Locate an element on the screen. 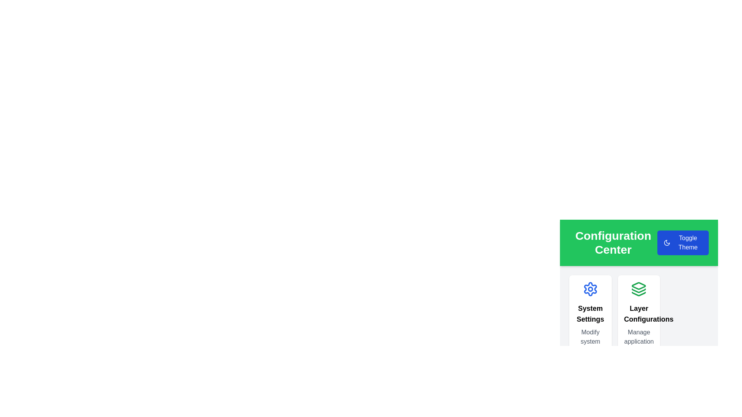 Image resolution: width=742 pixels, height=417 pixels. the Header bar labeled 'Configuration Center' that has a green background and a blue button 'Toggle Theme' positioned to the right is located at coordinates (639, 242).